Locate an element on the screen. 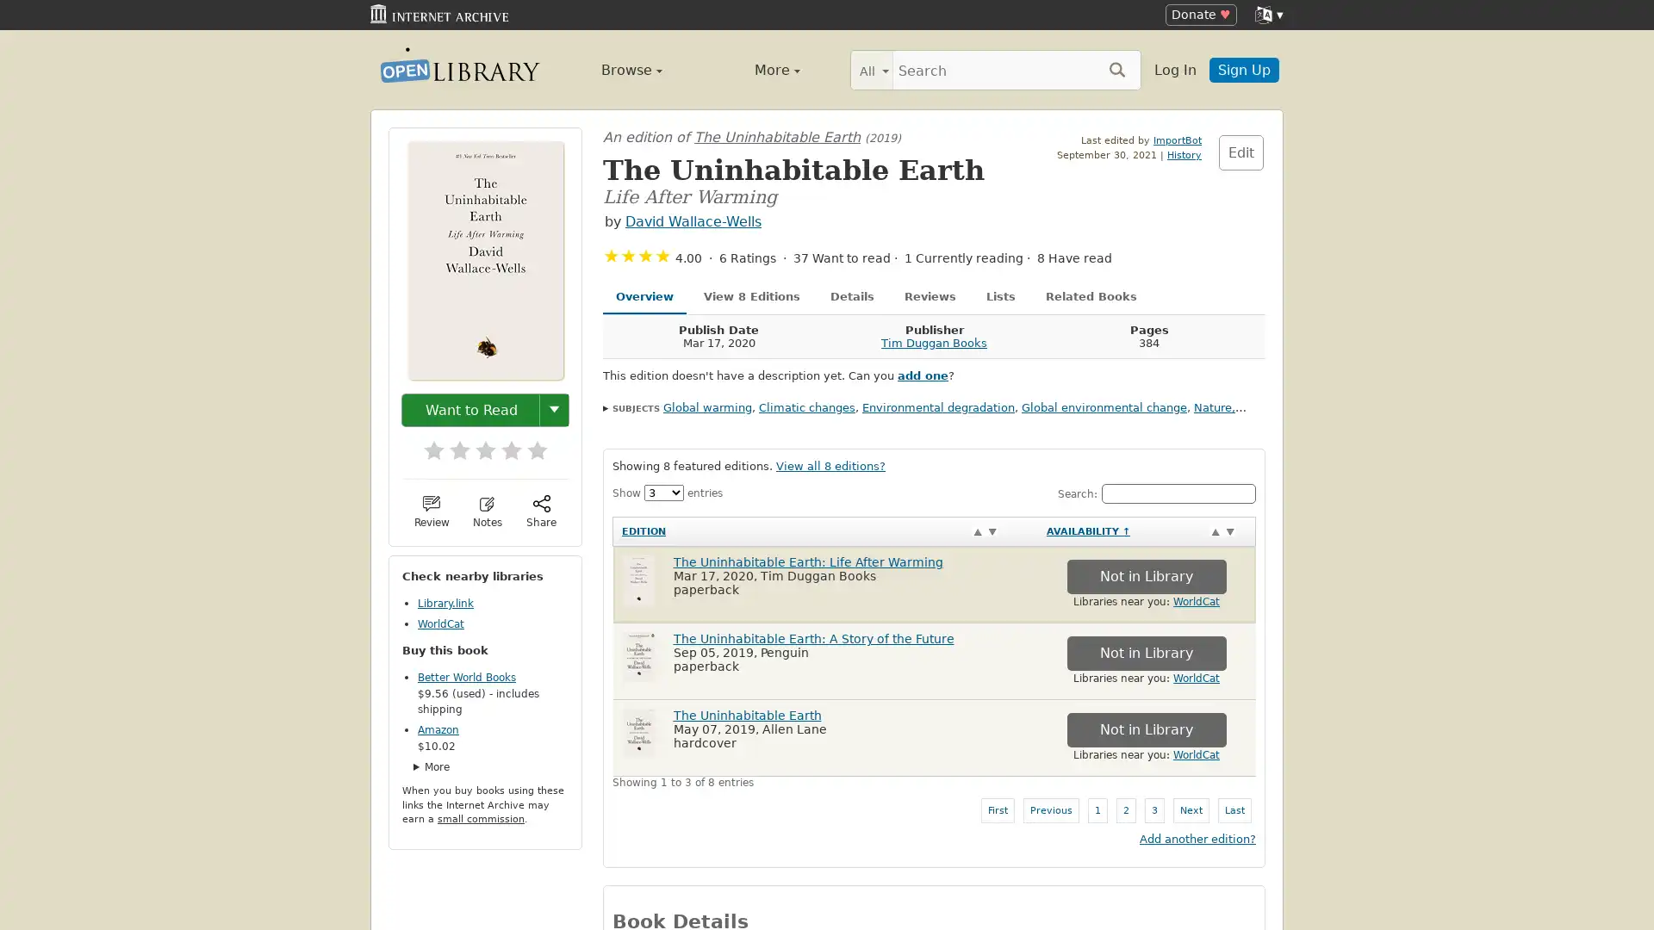 Image resolution: width=1654 pixels, height=930 pixels. Want to Read is located at coordinates (471, 409).